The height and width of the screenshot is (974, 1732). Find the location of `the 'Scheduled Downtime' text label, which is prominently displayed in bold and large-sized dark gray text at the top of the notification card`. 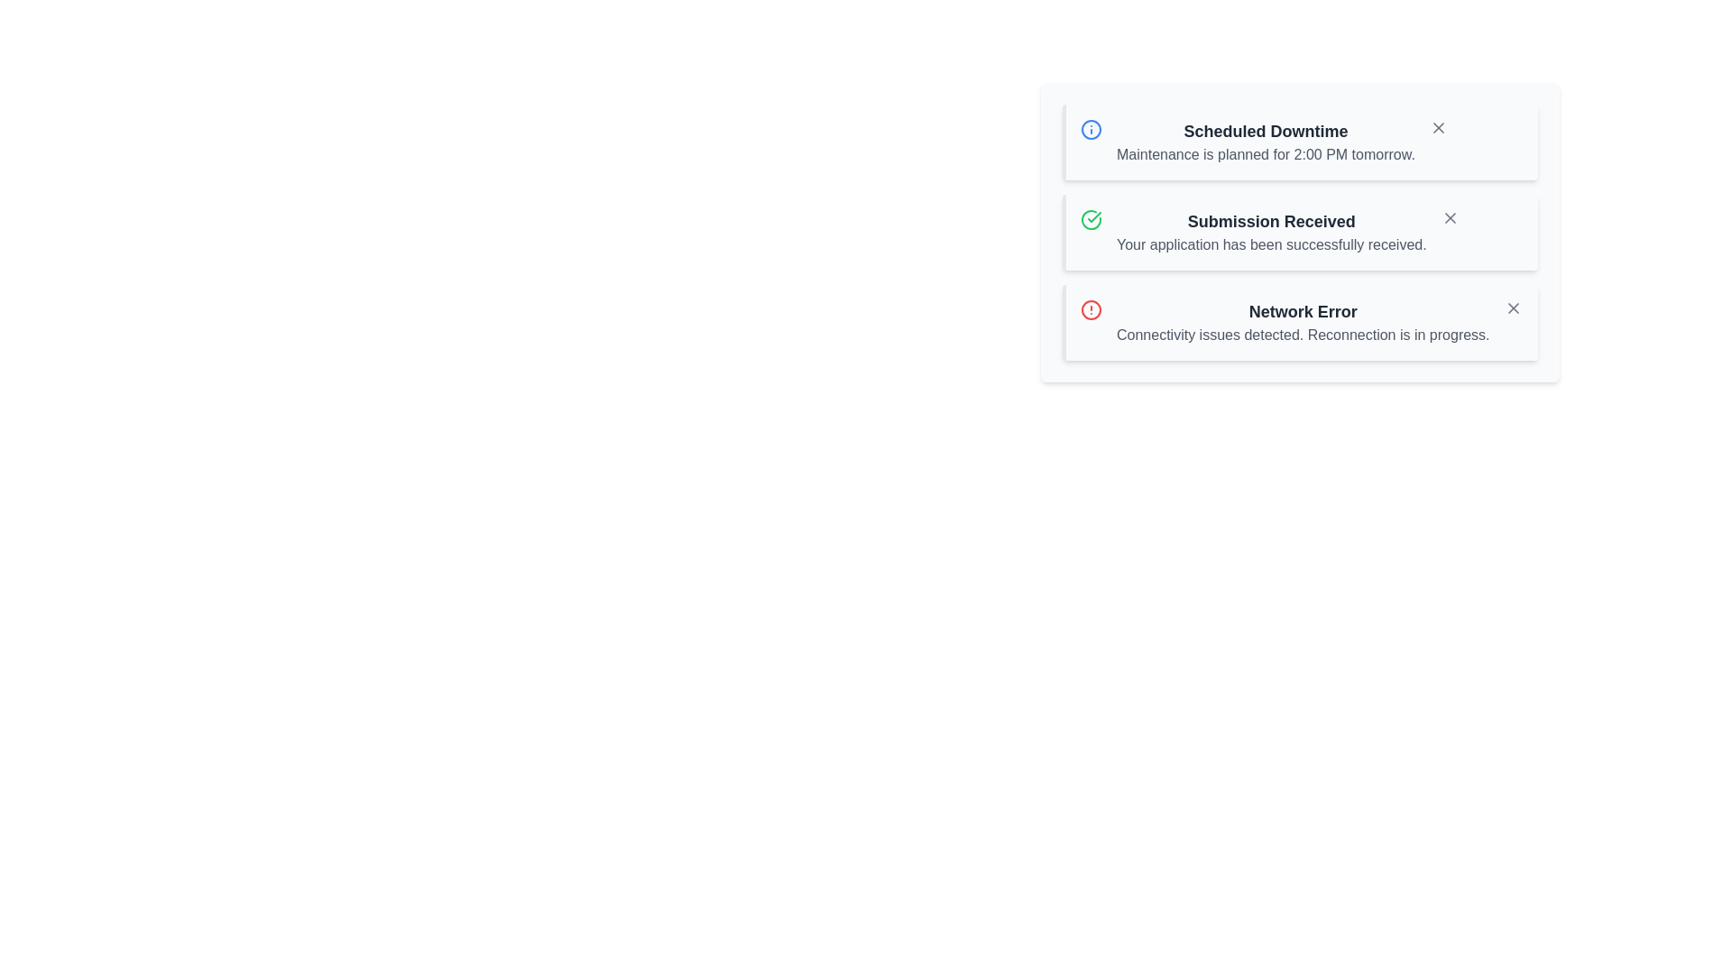

the 'Scheduled Downtime' text label, which is prominently displayed in bold and large-sized dark gray text at the top of the notification card is located at coordinates (1265, 131).